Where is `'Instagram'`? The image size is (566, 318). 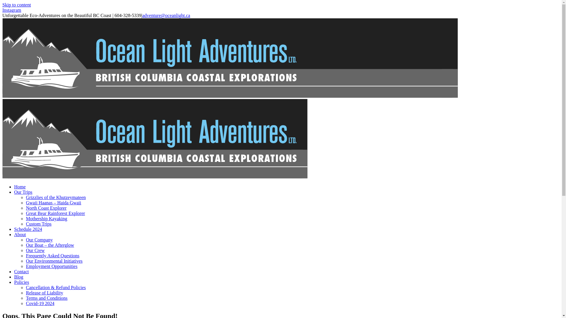 'Instagram' is located at coordinates (11, 10).